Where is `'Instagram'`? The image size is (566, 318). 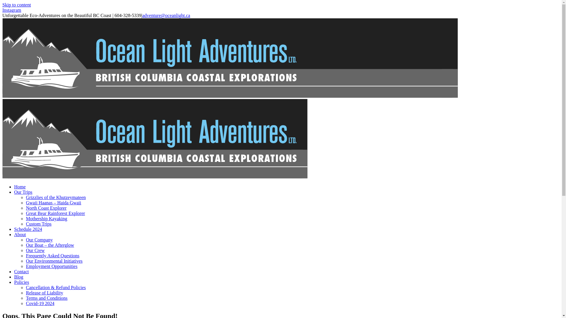 'Instagram' is located at coordinates (11, 10).